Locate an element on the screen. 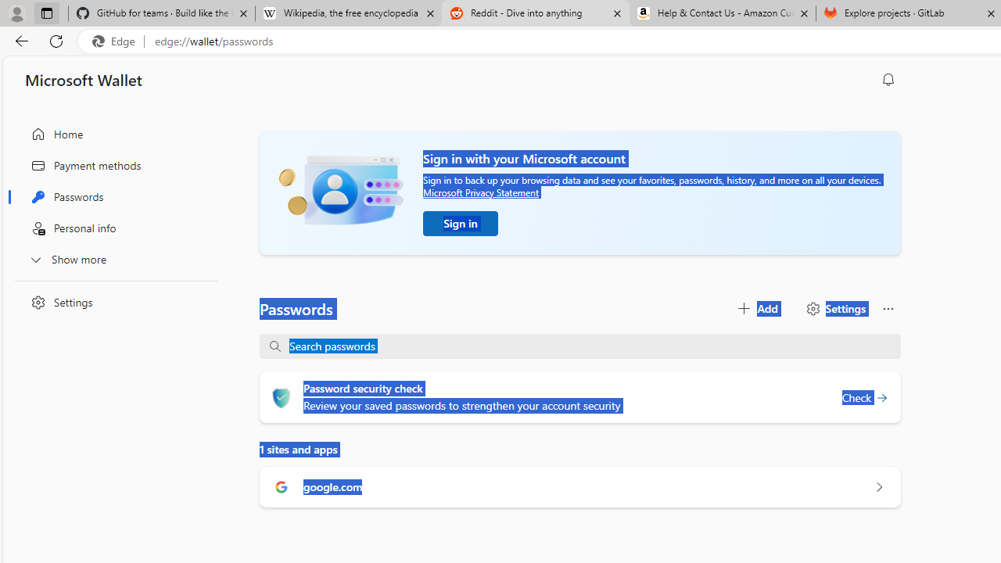 This screenshot has height=563, width=1001. 'Personal info' is located at coordinates (112, 228).